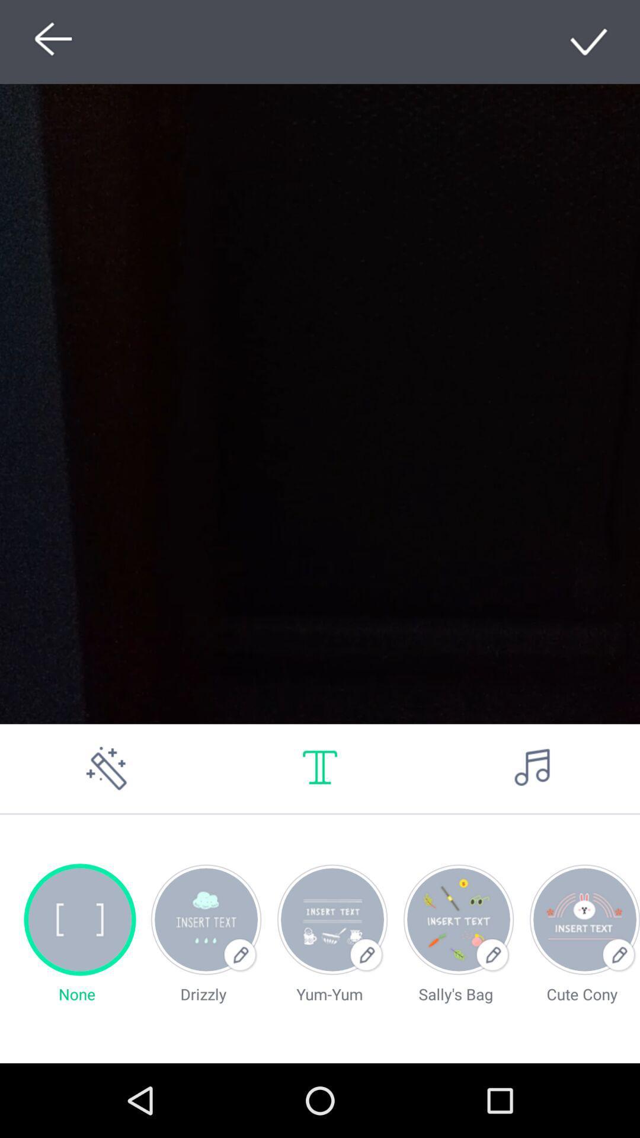 Image resolution: width=640 pixels, height=1138 pixels. I want to click on a text, so click(320, 768).